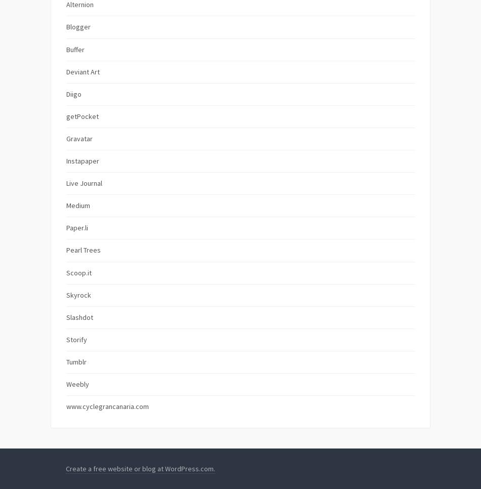 The height and width of the screenshot is (489, 481). What do you see at coordinates (79, 138) in the screenshot?
I see `'Gravatar'` at bounding box center [79, 138].